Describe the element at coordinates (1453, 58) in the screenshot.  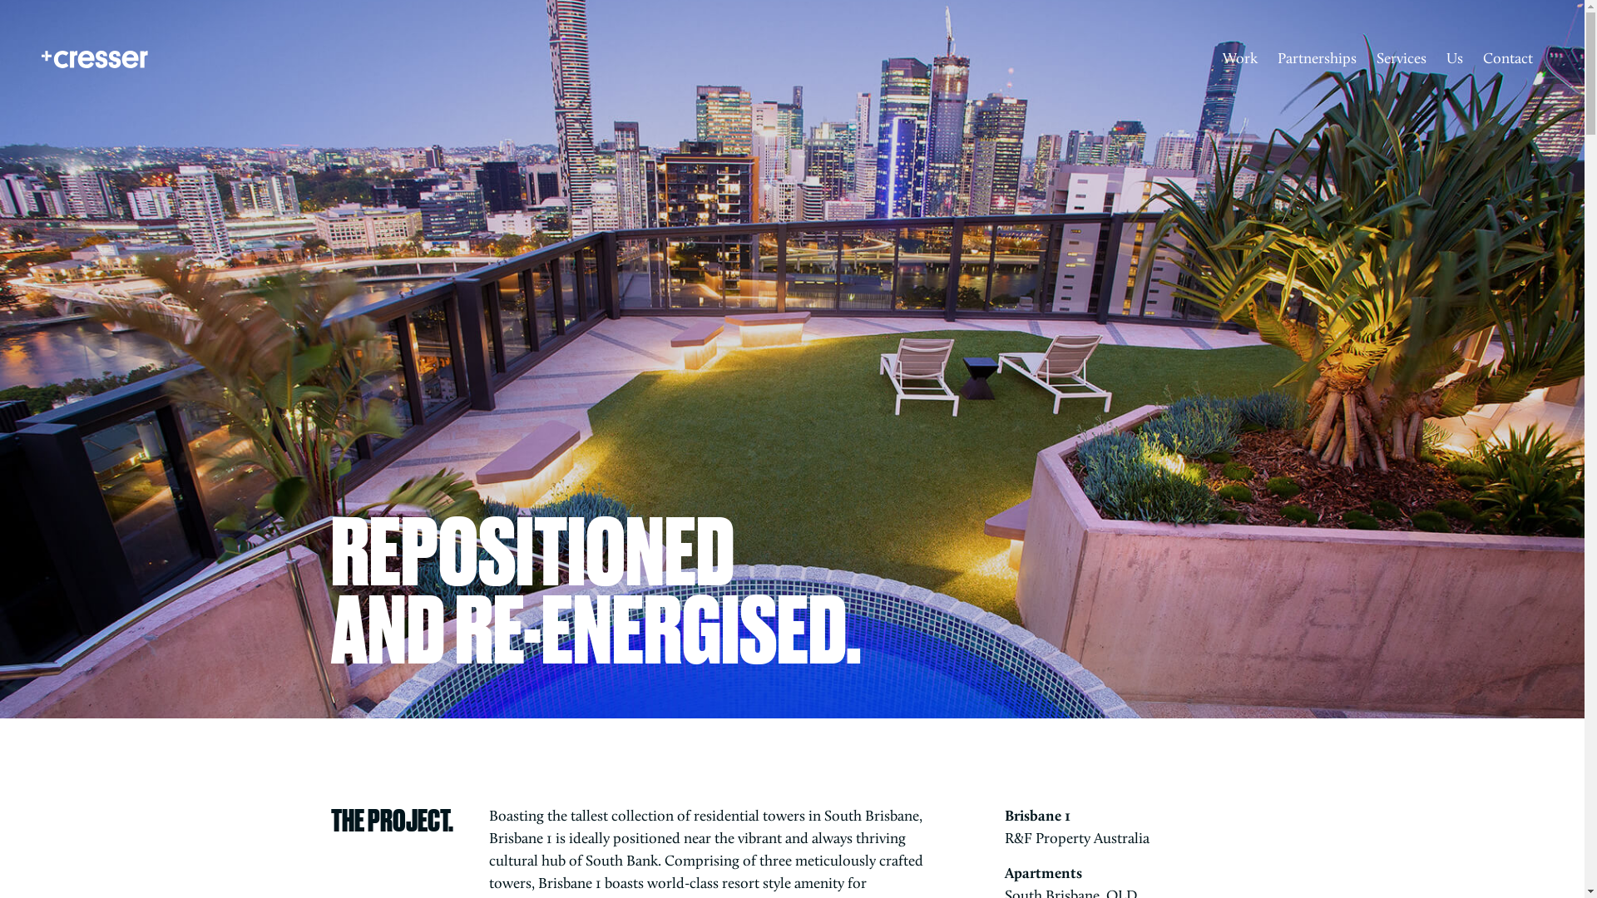
I see `'Us'` at that location.